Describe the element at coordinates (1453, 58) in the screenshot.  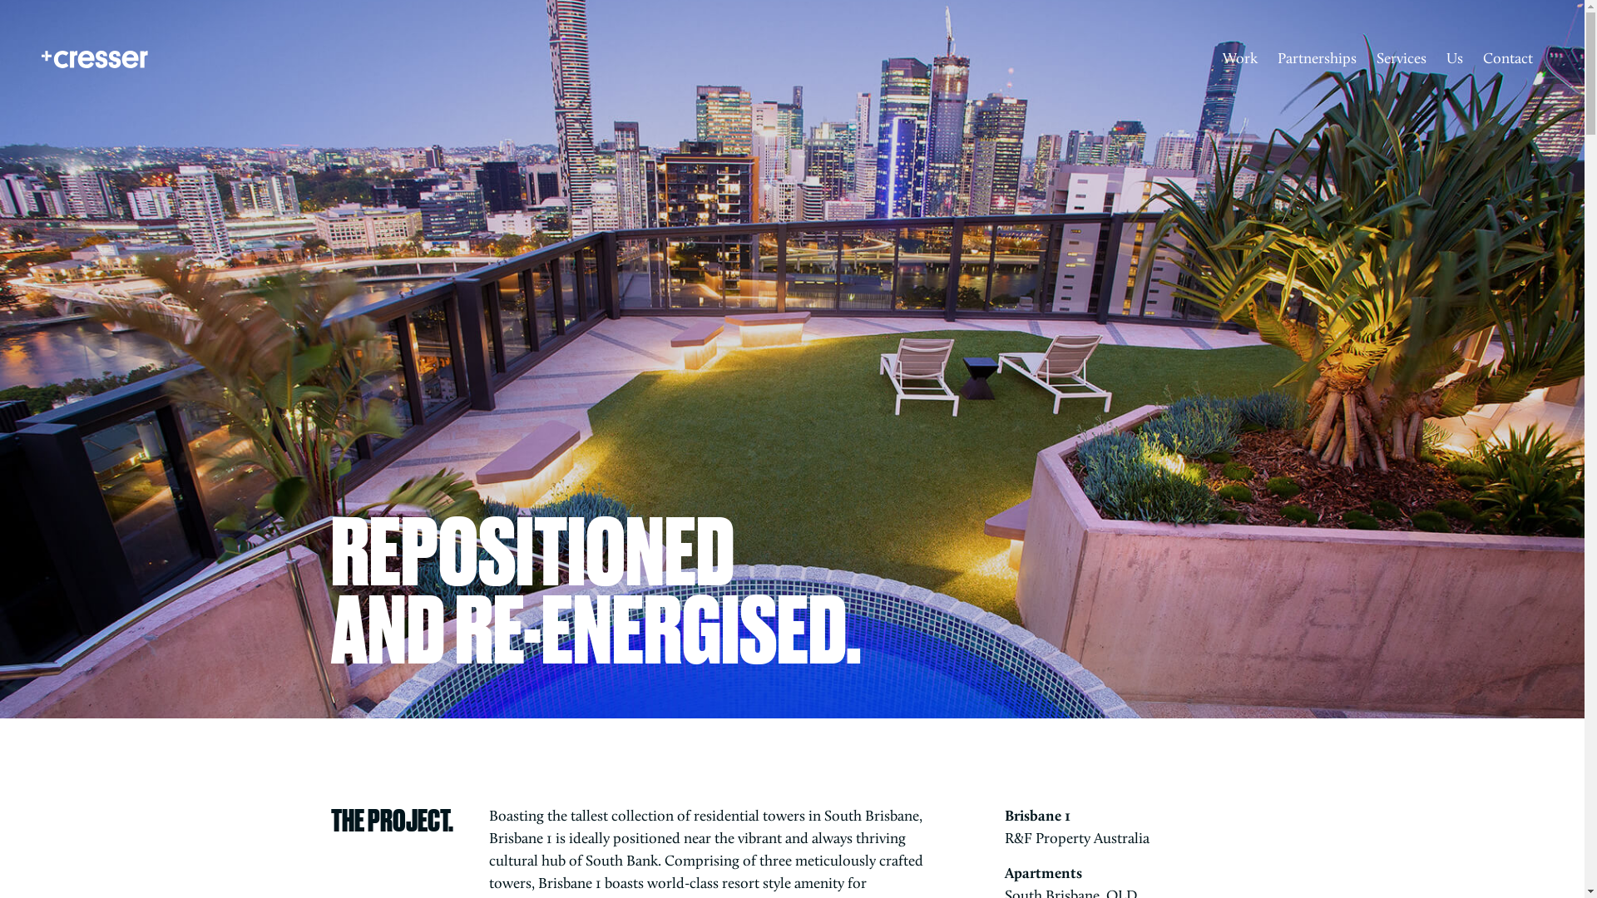
I see `'Us'` at that location.